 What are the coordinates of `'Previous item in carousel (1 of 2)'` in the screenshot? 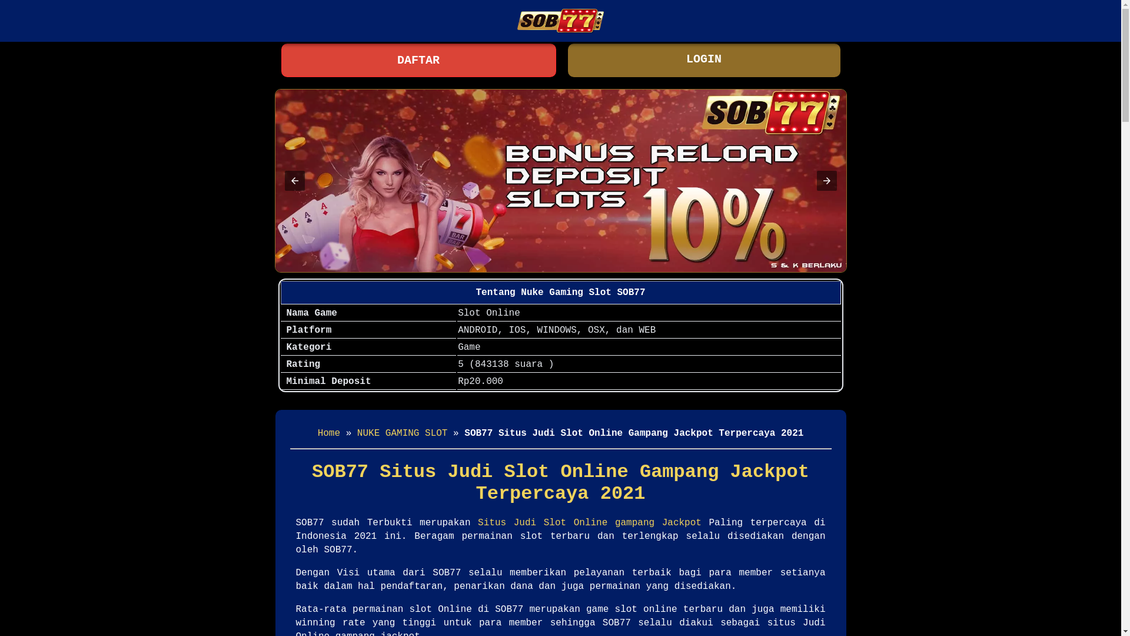 It's located at (294, 181).